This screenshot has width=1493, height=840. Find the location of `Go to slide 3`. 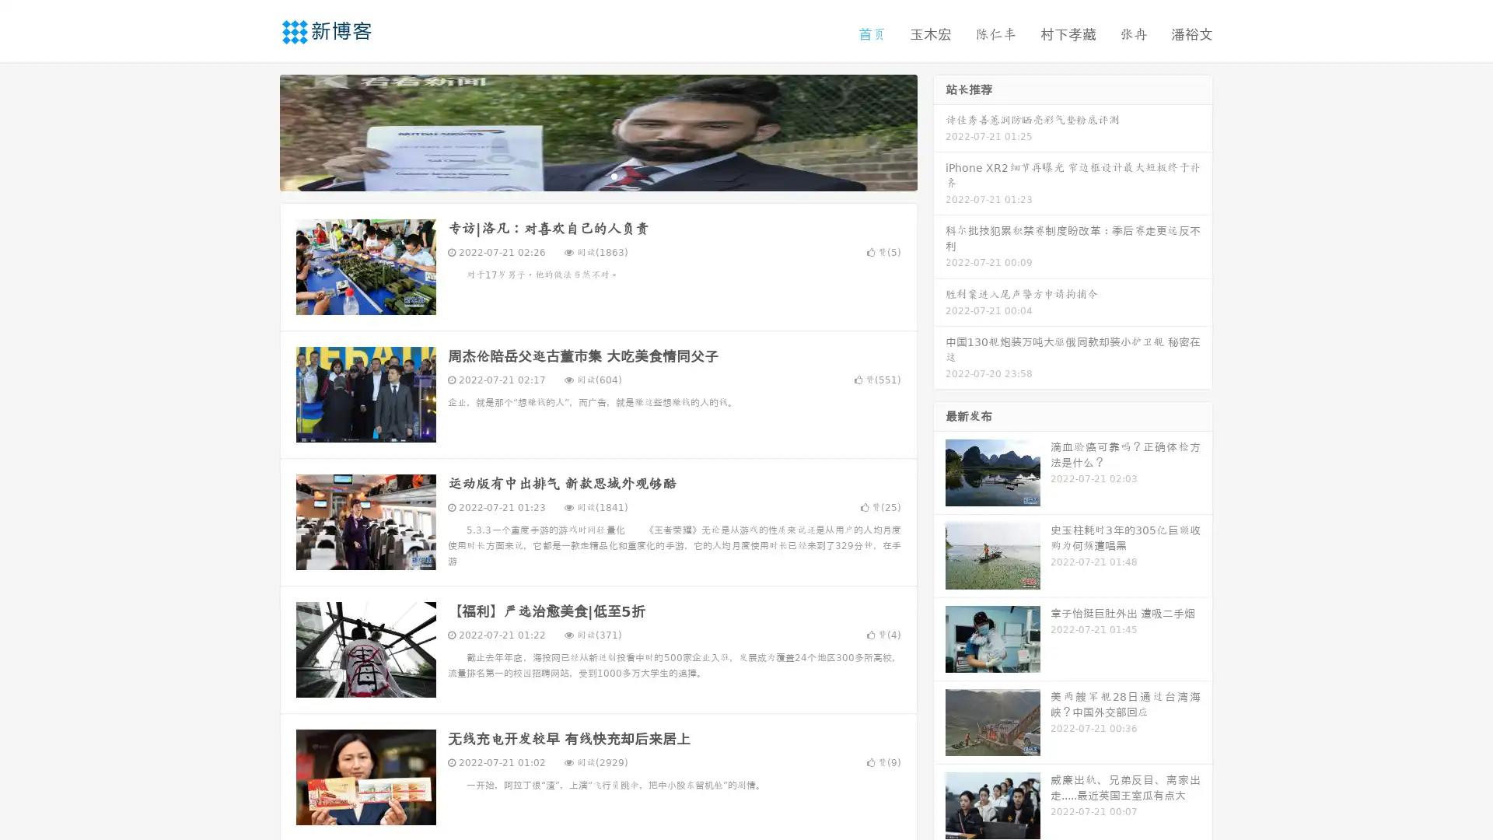

Go to slide 3 is located at coordinates (614, 175).